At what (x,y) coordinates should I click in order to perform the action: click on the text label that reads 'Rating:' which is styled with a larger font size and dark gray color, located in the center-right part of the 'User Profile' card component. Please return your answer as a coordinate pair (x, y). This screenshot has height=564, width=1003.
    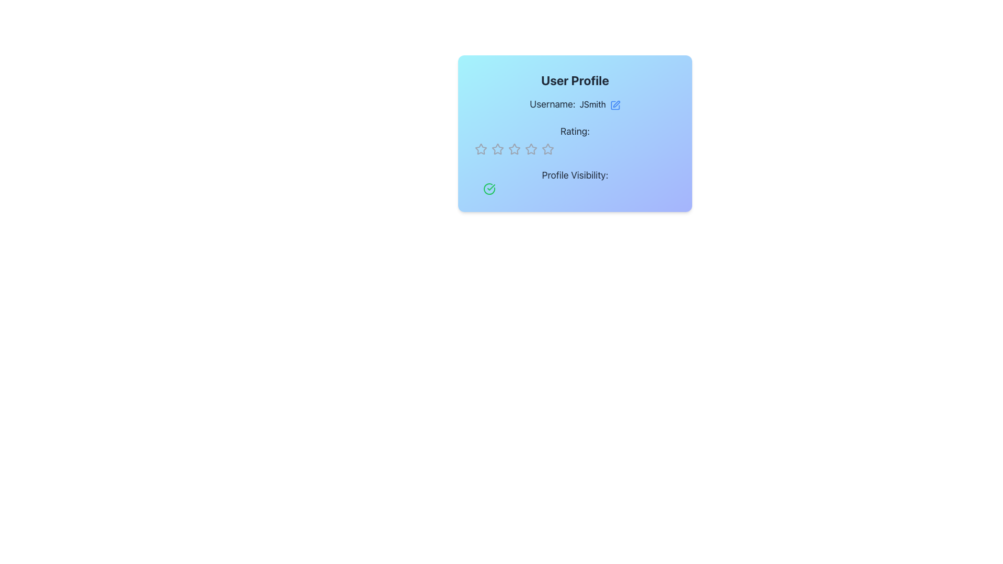
    Looking at the image, I should click on (574, 131).